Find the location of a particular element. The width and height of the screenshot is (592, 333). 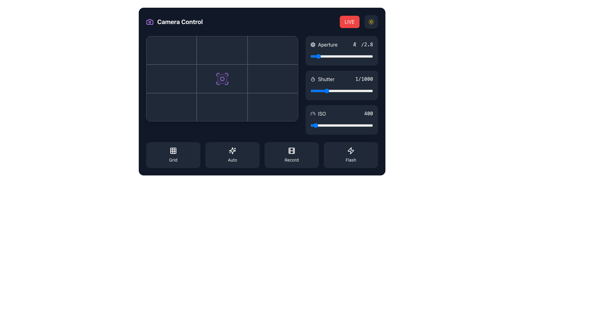

the star-shaped graphical icon in the 'Auto' button located at the bottom center of the interface is located at coordinates (232, 151).